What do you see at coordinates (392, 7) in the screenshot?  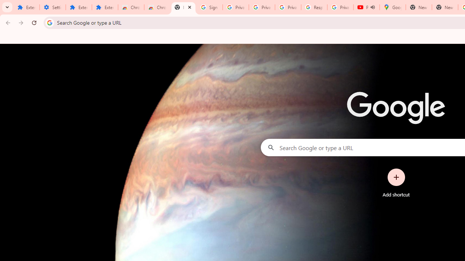 I see `'Google Maps'` at bounding box center [392, 7].